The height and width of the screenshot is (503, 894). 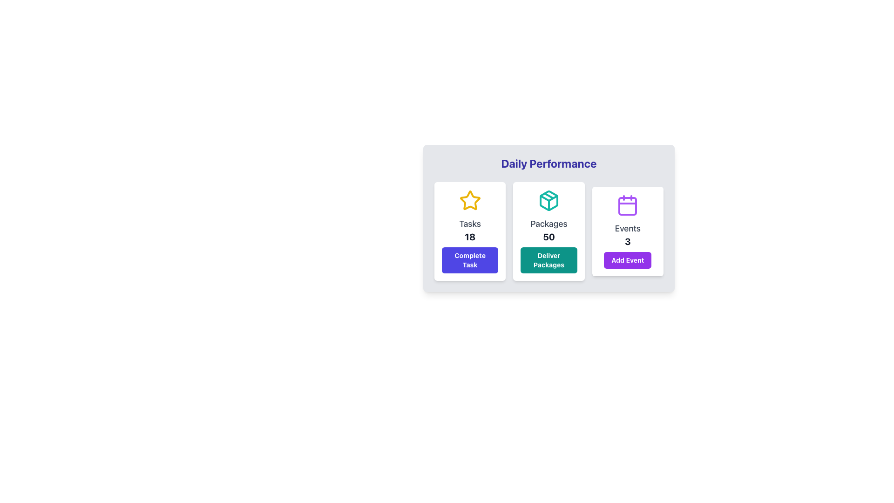 I want to click on the button located in the bottom part of the 'Events' card, which is the third card from the left, to initiate the action for adding a new event, so click(x=628, y=260).